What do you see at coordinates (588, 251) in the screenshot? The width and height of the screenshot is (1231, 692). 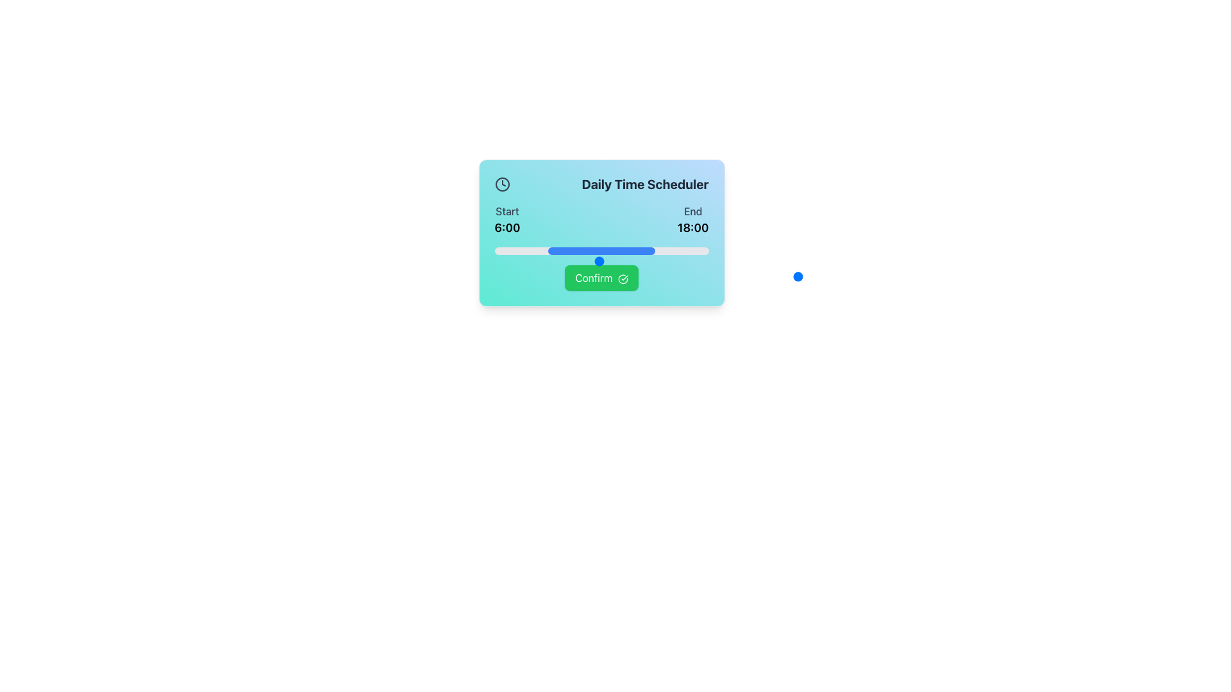 I see `the slider` at bounding box center [588, 251].